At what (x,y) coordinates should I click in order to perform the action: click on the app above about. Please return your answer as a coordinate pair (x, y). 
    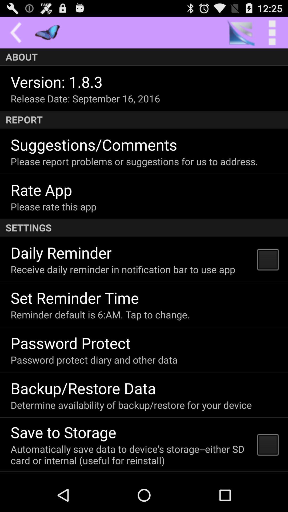
    Looking at the image, I should click on (272, 32).